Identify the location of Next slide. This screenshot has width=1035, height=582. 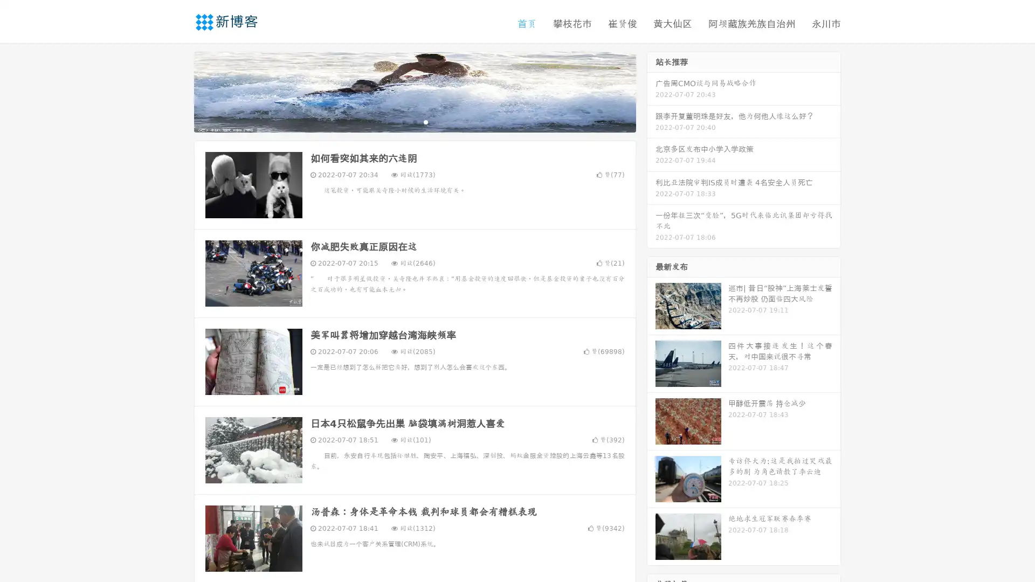
(651, 91).